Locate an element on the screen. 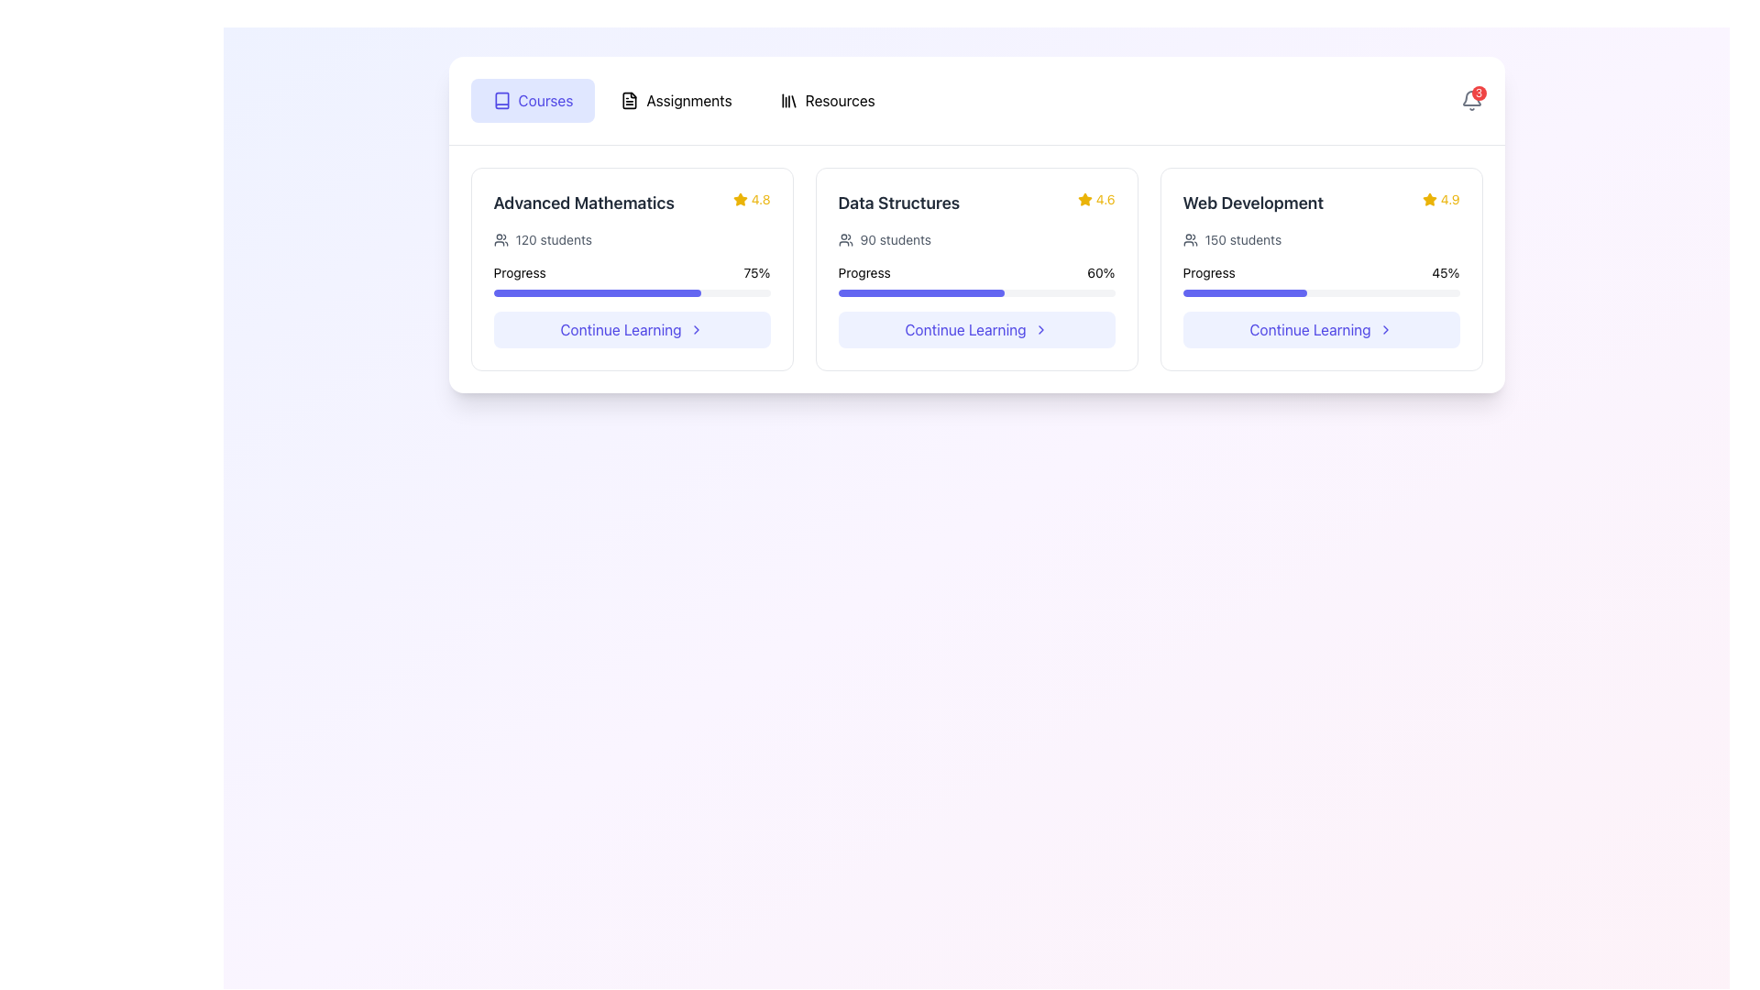 Image resolution: width=1760 pixels, height=990 pixels. the text label below the course progress bar in the 'Advanced Mathematics' course card is located at coordinates (621, 328).